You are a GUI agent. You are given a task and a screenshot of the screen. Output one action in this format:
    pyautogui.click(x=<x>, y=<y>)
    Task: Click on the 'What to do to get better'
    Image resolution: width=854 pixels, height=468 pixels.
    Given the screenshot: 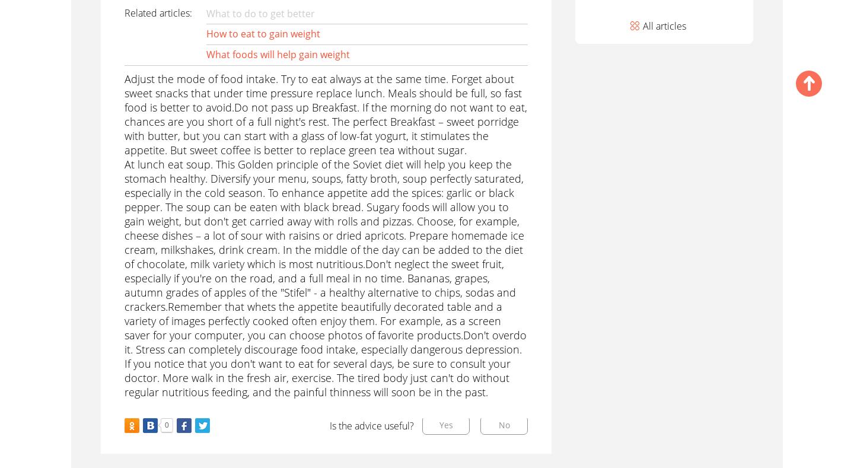 What is the action you would take?
    pyautogui.click(x=260, y=13)
    